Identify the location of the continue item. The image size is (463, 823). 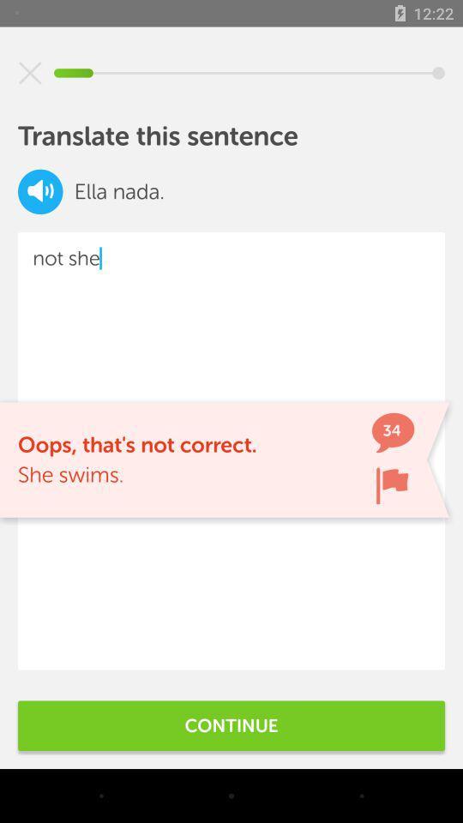
(231, 724).